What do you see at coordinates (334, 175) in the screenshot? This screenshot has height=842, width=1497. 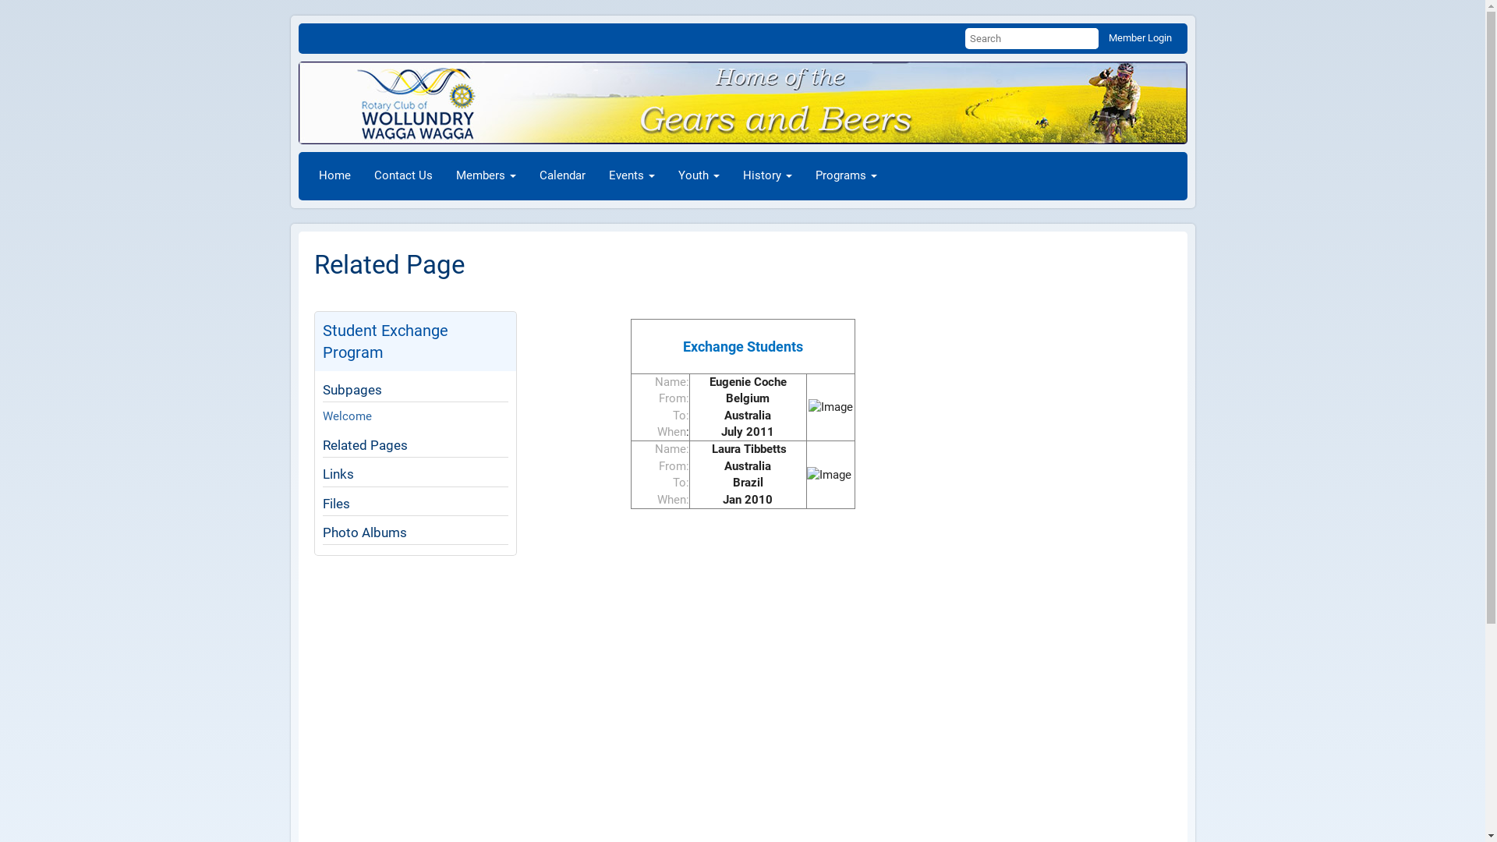 I see `'Home'` at bounding box center [334, 175].